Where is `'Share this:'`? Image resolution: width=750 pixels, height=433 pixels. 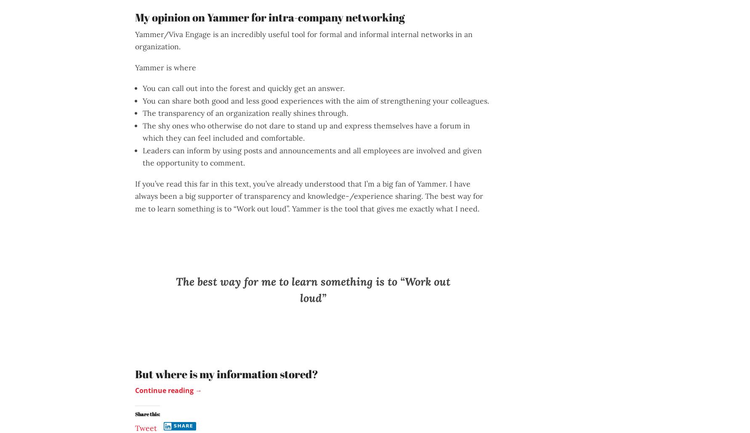
'Share this:' is located at coordinates (147, 413).